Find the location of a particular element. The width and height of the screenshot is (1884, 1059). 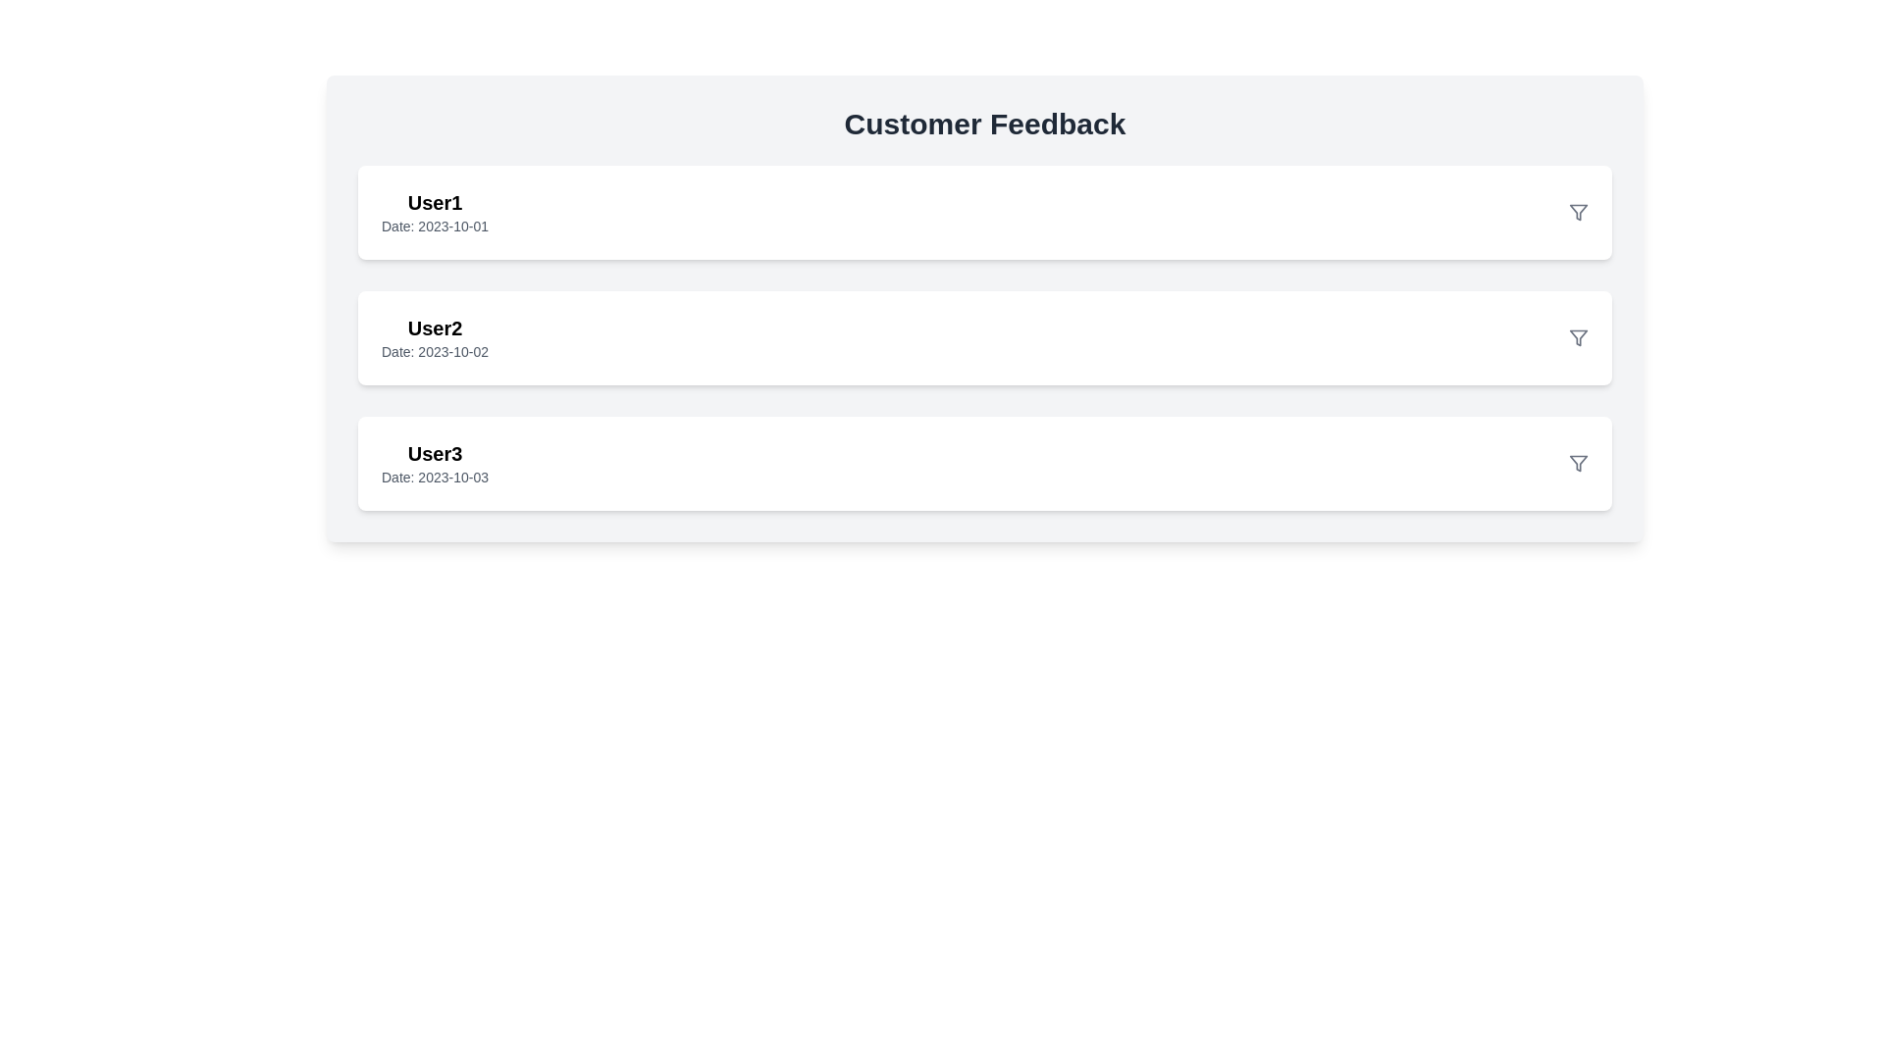

the filter funnel icon located to the far right of the third user feedback entry labeled 'User3' dated '2023-10-03' is located at coordinates (1578, 336).